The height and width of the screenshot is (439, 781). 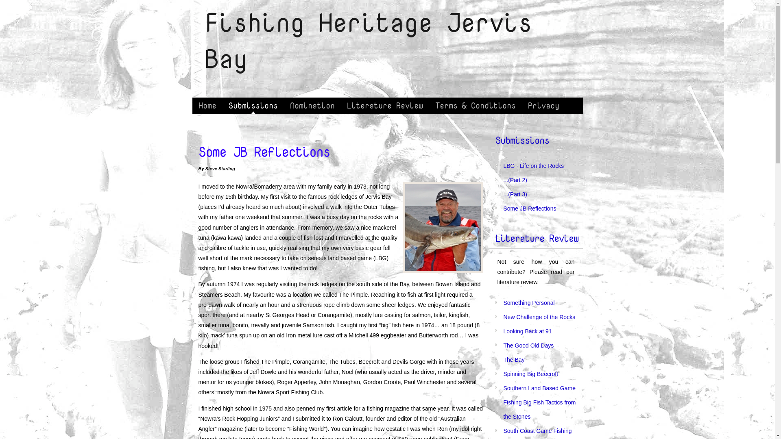 What do you see at coordinates (475, 105) in the screenshot?
I see `'Terms & Conditions'` at bounding box center [475, 105].